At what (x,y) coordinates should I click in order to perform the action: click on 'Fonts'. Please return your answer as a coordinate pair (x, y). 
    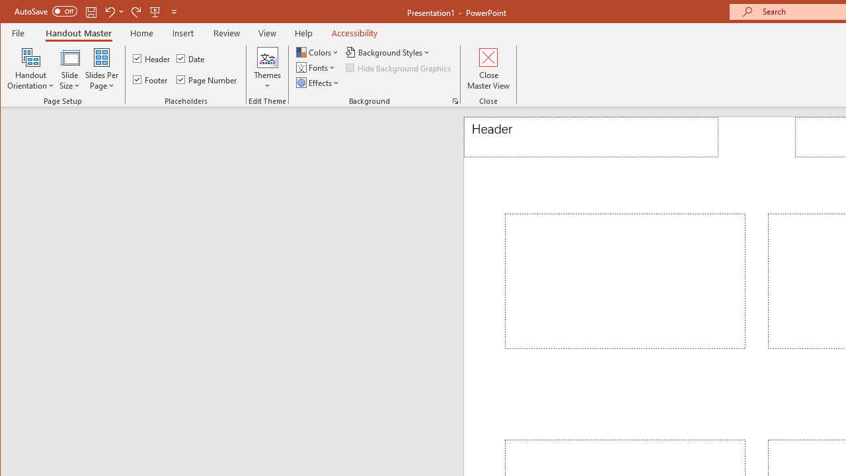
    Looking at the image, I should click on (317, 67).